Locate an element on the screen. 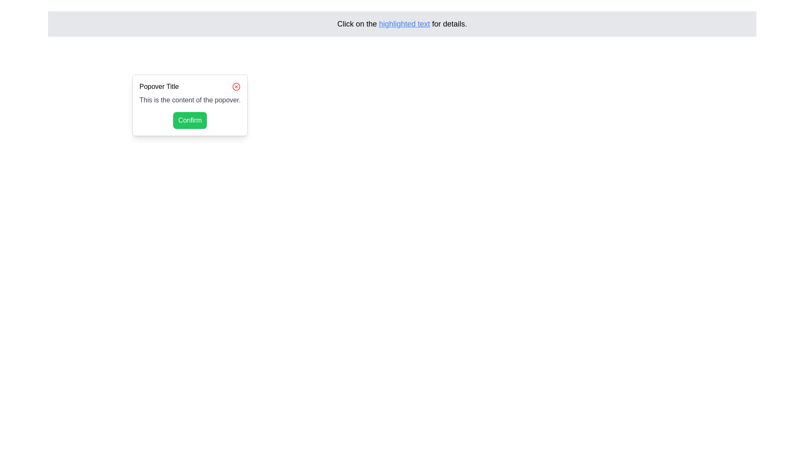 The height and width of the screenshot is (455, 809). instructions by clicking on the actionable link-styled text that says 'Click on the highlighted text for details.' is located at coordinates (402, 24).